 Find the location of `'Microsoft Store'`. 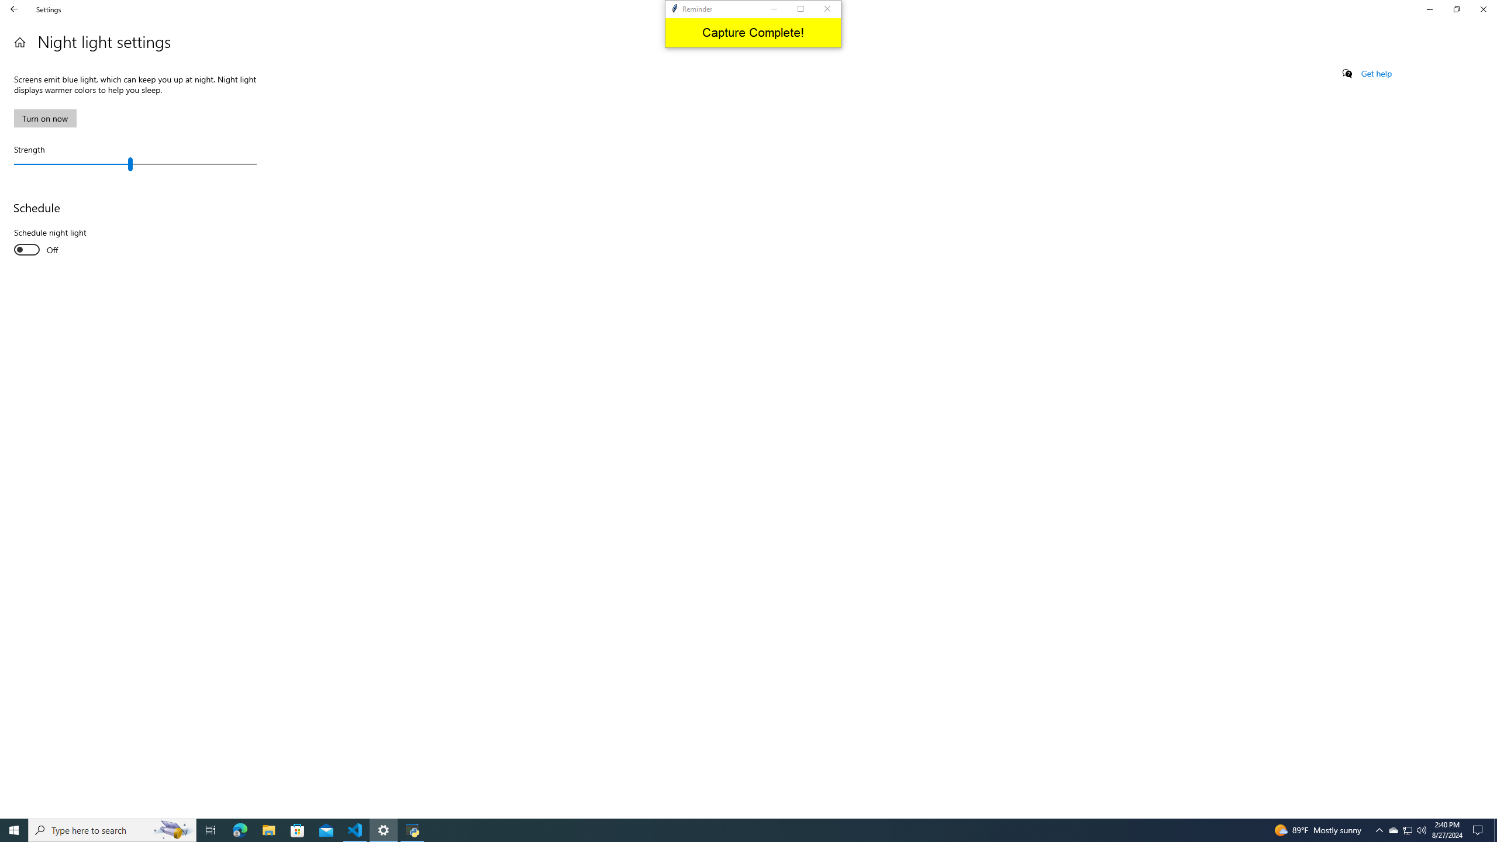

'Microsoft Store' is located at coordinates (298, 829).